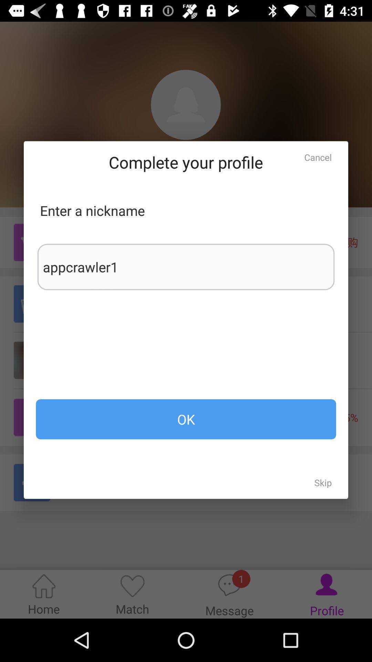 This screenshot has height=662, width=372. What do you see at coordinates (323, 482) in the screenshot?
I see `item at the bottom right corner` at bounding box center [323, 482].